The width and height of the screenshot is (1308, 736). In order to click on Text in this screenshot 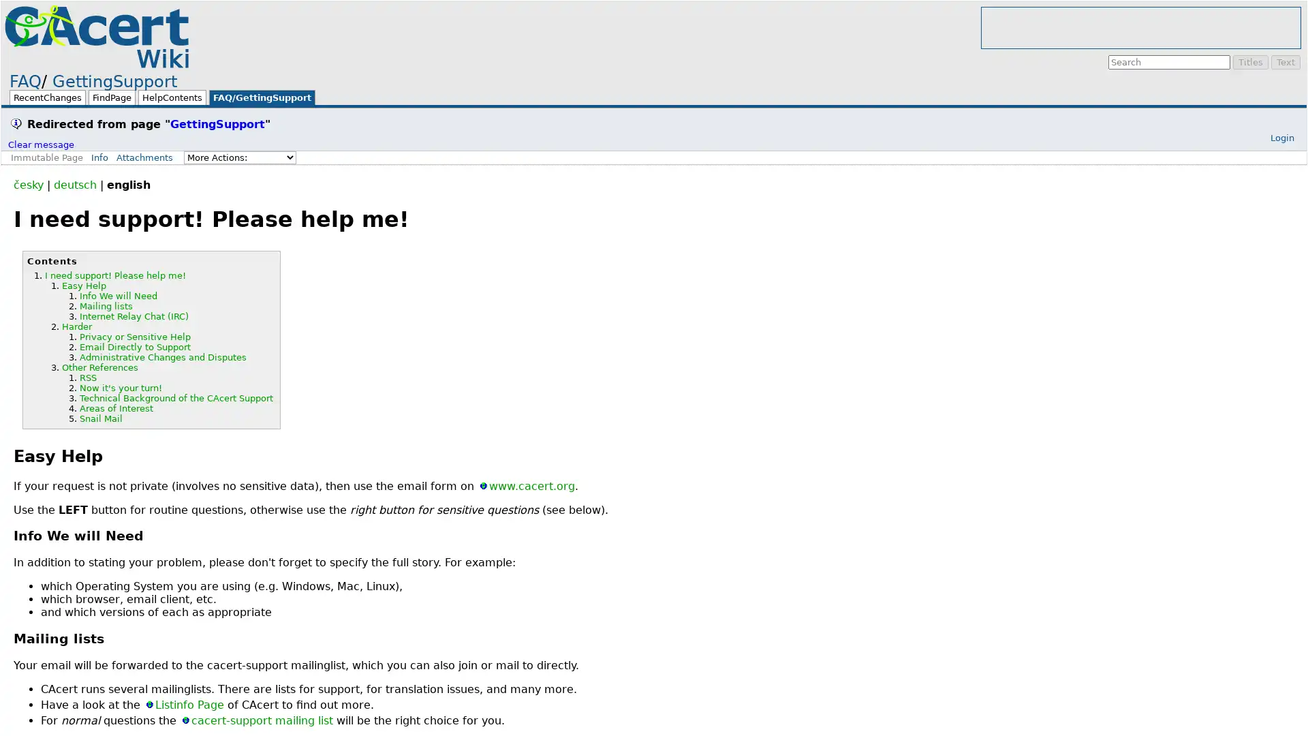, I will do `click(1285, 62)`.